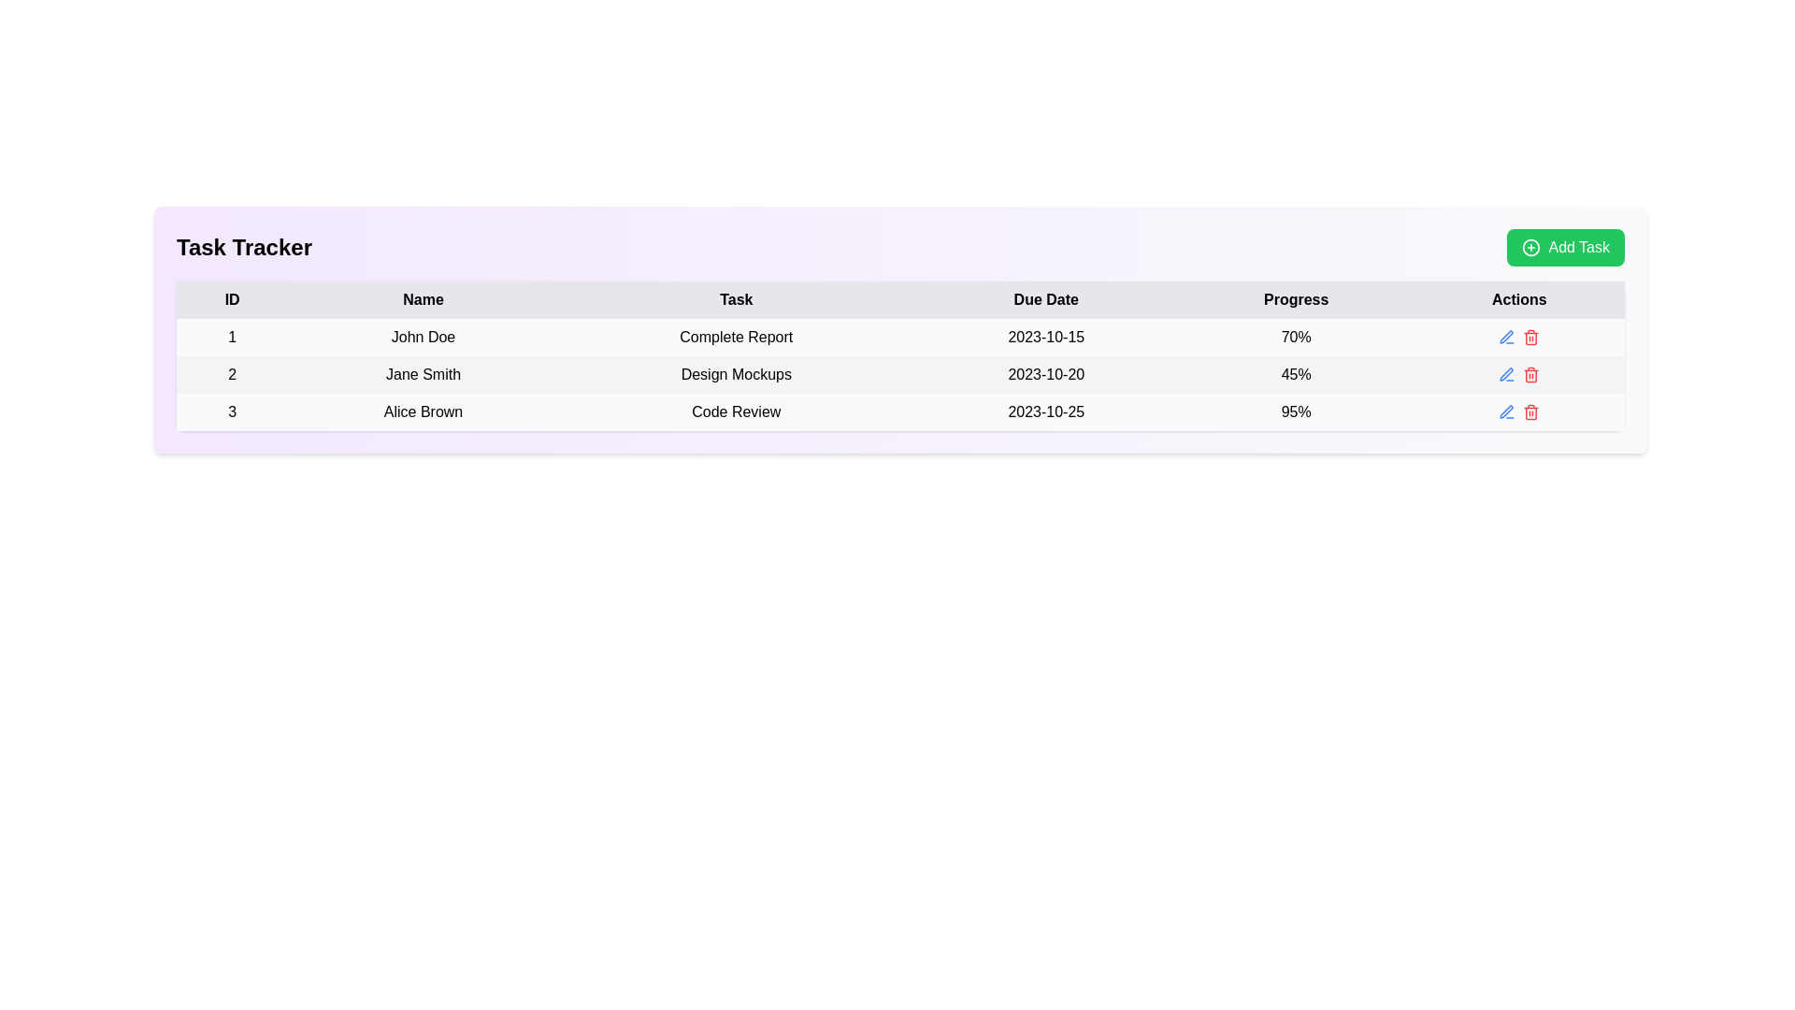 This screenshot has width=1795, height=1010. I want to click on the Text label that serves as an identifier for the first task entry in the data table, located in the first column under the 'ID' column header, so click(231, 338).